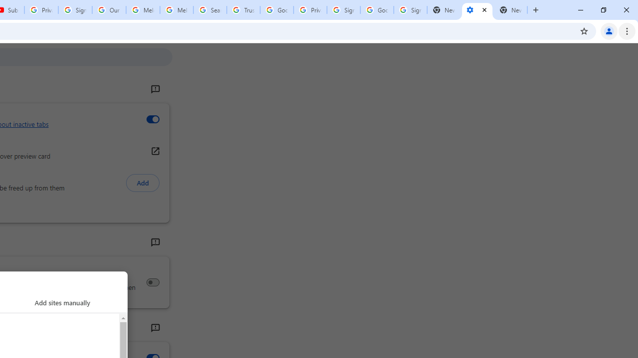 The image size is (638, 358). I want to click on 'Google Cybersecurity Innovations - Google Safety Center', so click(376, 10).